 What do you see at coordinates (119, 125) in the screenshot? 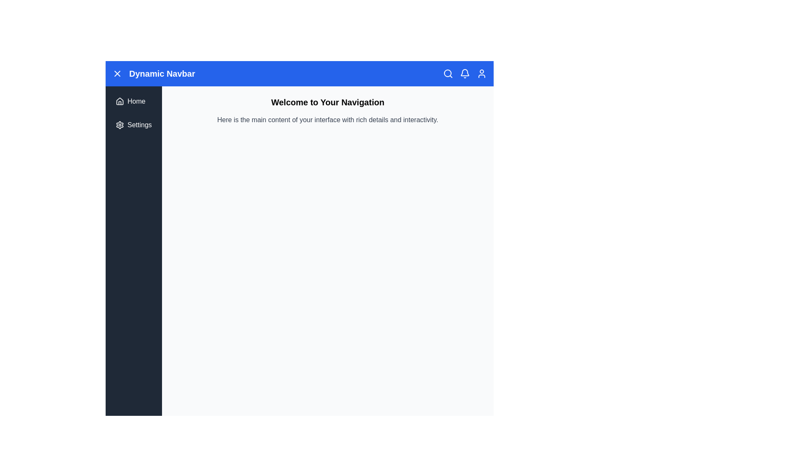
I see `the settings icon located to the left of the 'Settings' text label in the vertical navigation bar` at bounding box center [119, 125].